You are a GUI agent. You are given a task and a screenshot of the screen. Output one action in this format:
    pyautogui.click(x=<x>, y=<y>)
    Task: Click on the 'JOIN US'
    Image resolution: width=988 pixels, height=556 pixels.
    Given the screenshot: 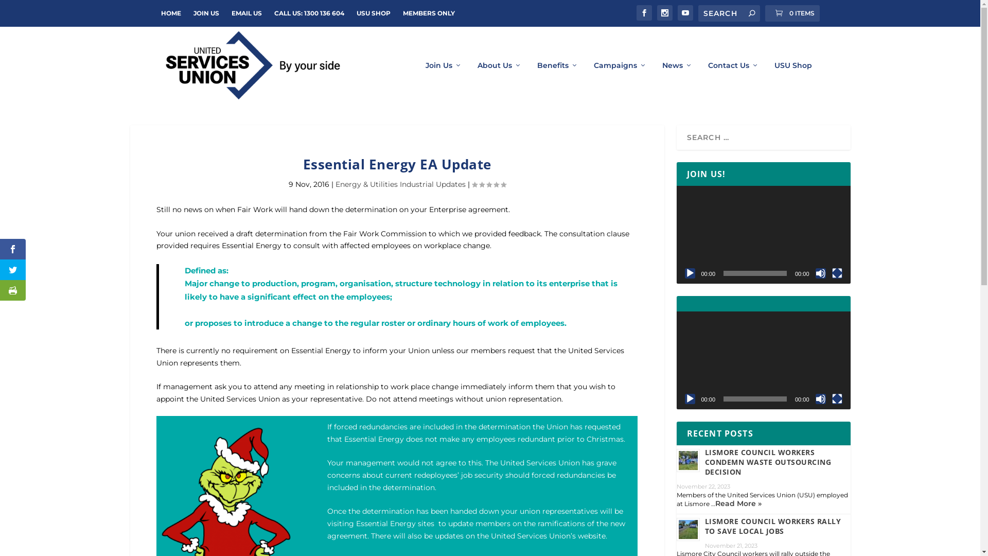 What is the action you would take?
    pyautogui.click(x=206, y=13)
    